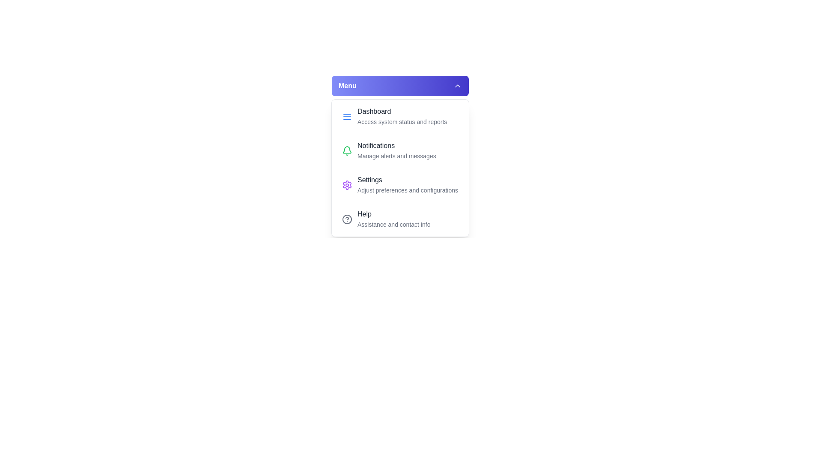  I want to click on the 'Settings' menu entry in the vertical navigation menu, which features bold text in dark font and a description in lighter gray font, so click(407, 184).